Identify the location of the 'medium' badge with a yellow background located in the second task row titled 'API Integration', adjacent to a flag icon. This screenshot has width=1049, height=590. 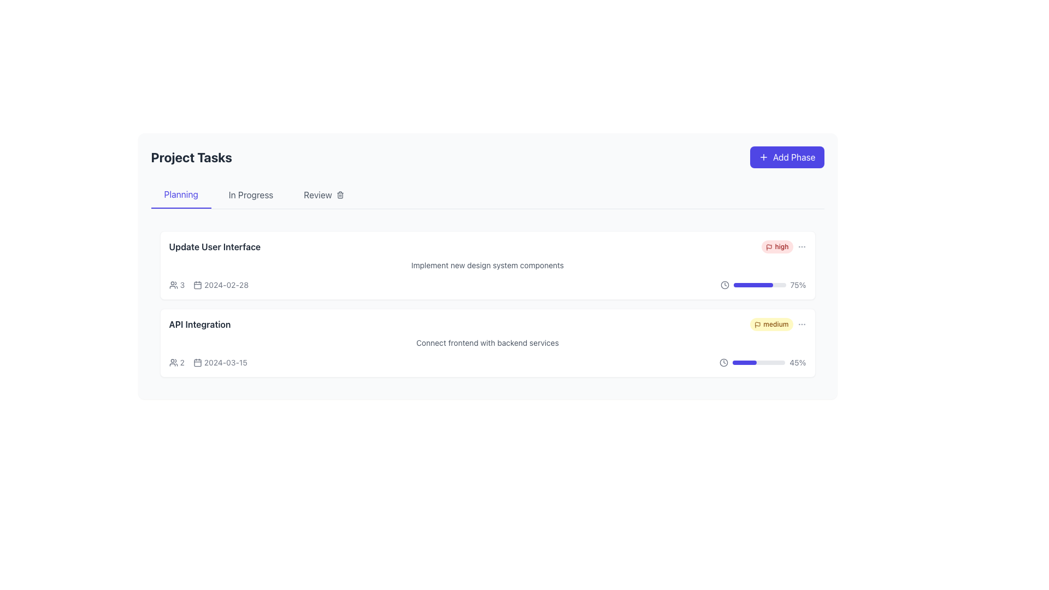
(777, 324).